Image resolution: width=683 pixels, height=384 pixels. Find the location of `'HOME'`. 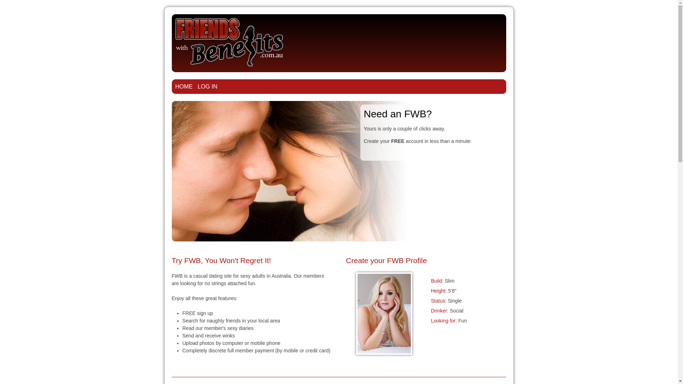

'HOME' is located at coordinates (184, 86).